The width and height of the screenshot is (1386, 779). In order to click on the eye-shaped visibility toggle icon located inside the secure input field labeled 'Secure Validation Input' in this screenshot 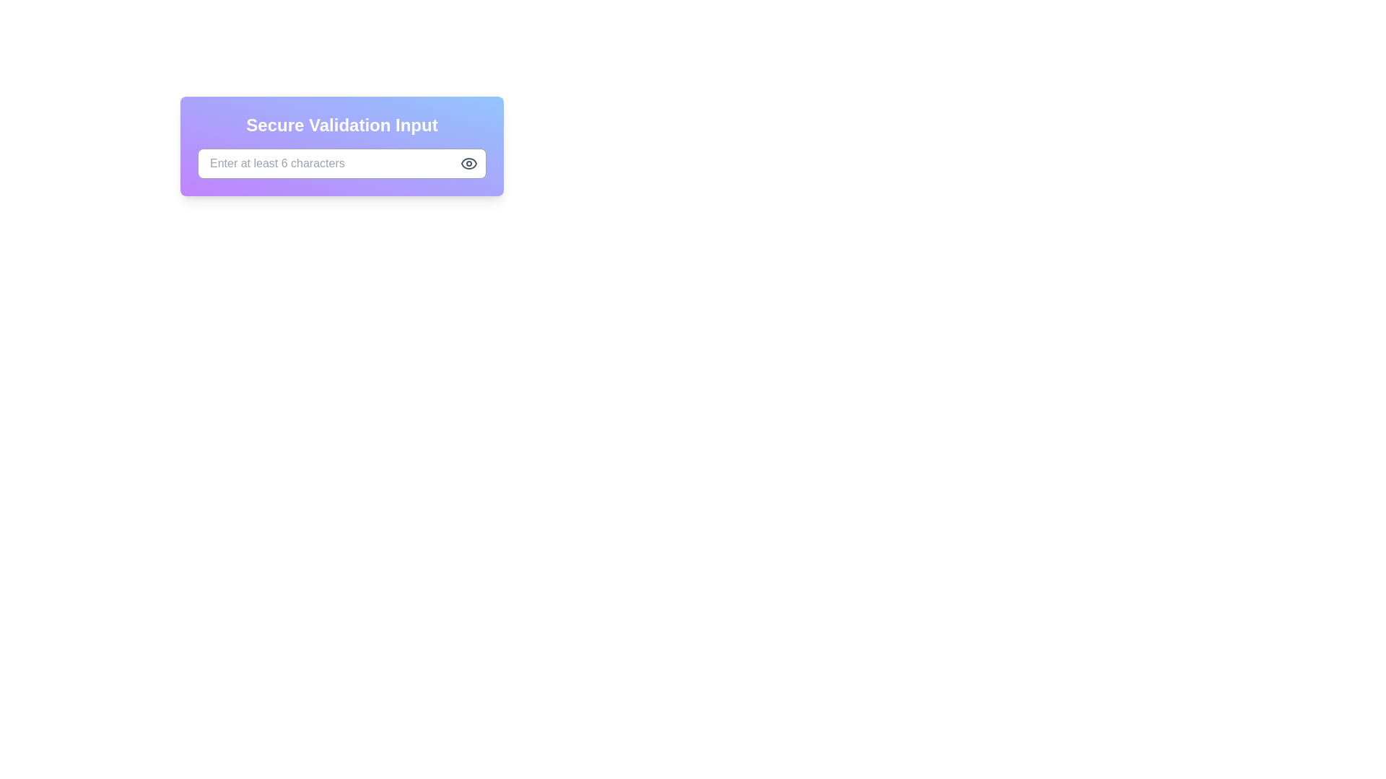, I will do `click(468, 163)`.